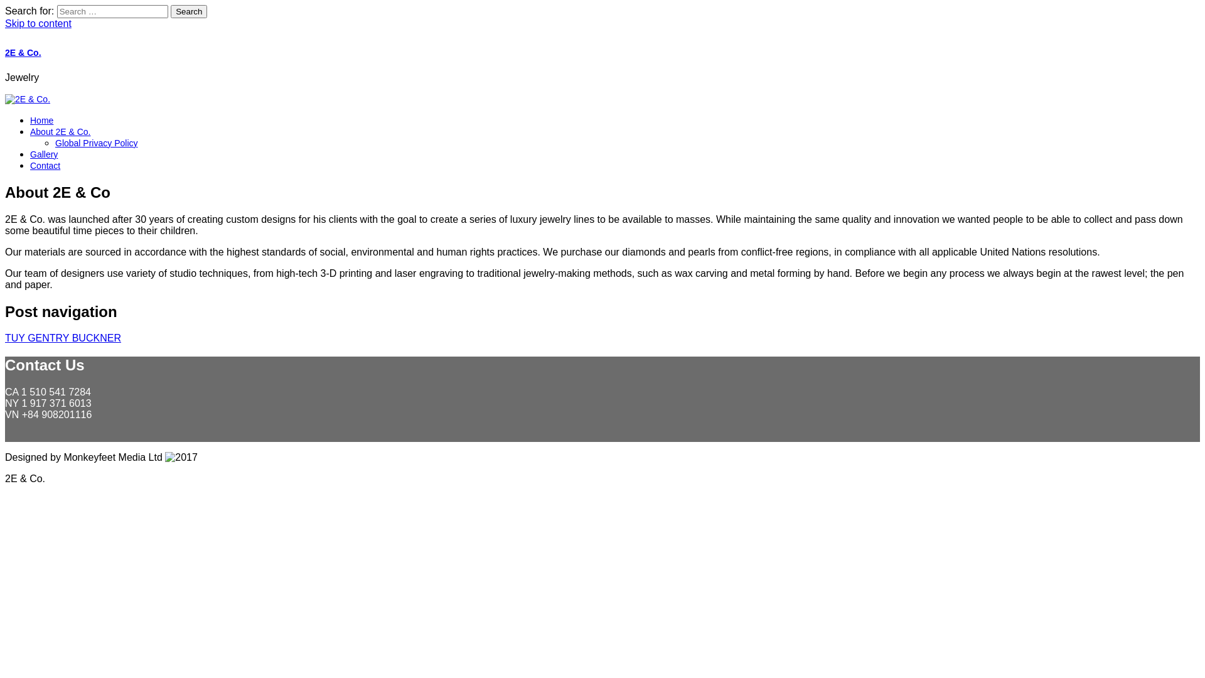 This screenshot has width=1205, height=678. Describe the element at coordinates (41, 121) in the screenshot. I see `'Home'` at that location.